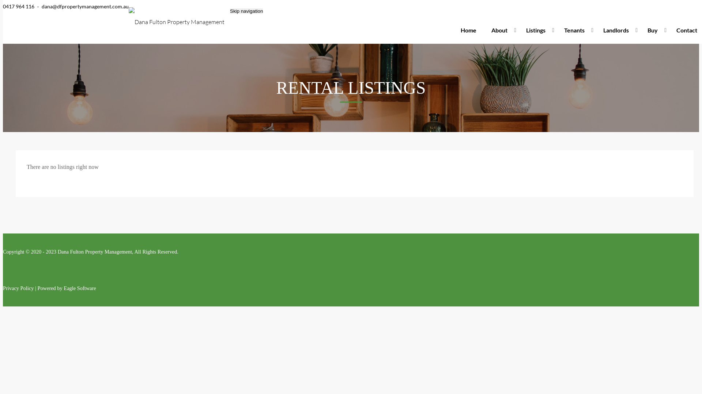 The width and height of the screenshot is (702, 394). Describe the element at coordinates (79, 288) in the screenshot. I see `'Eagle Software'` at that location.